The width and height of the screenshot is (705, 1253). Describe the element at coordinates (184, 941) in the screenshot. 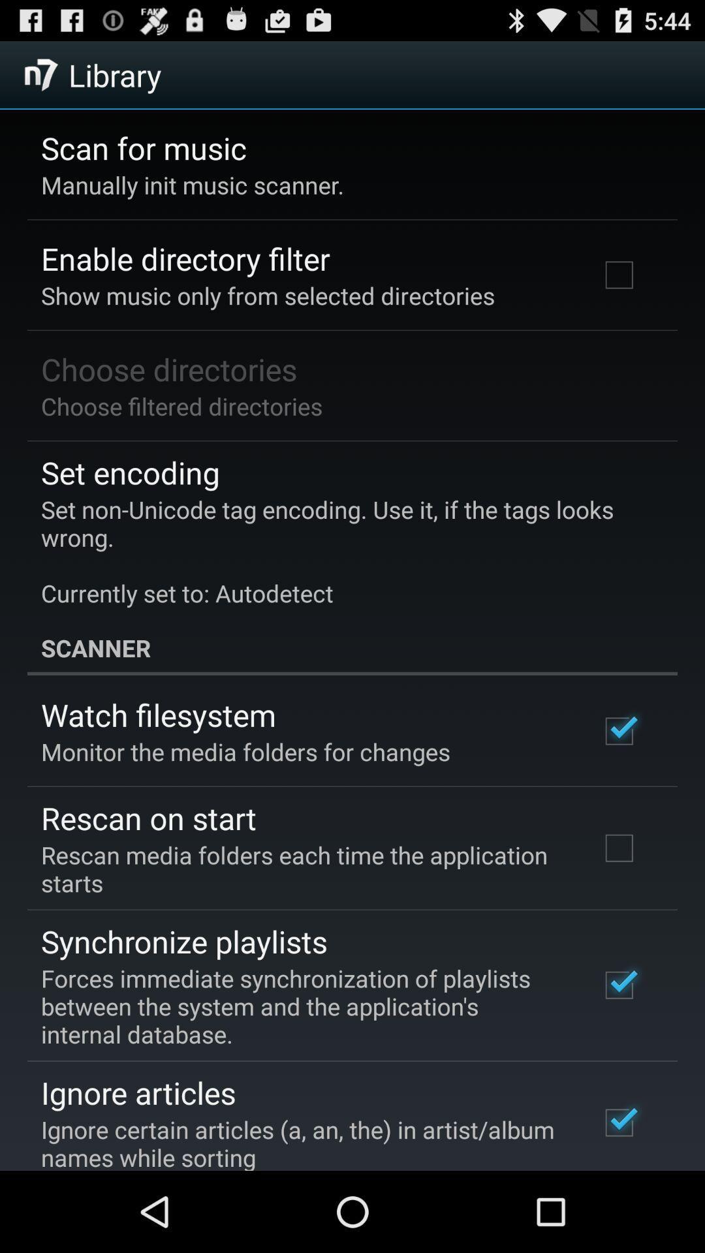

I see `synchronize playlists icon` at that location.